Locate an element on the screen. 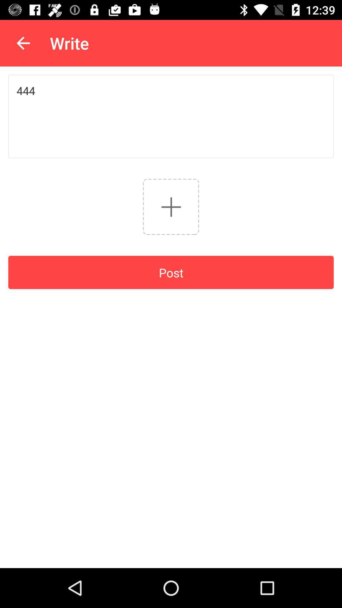 This screenshot has height=608, width=342. go hide option is located at coordinates (171, 207).